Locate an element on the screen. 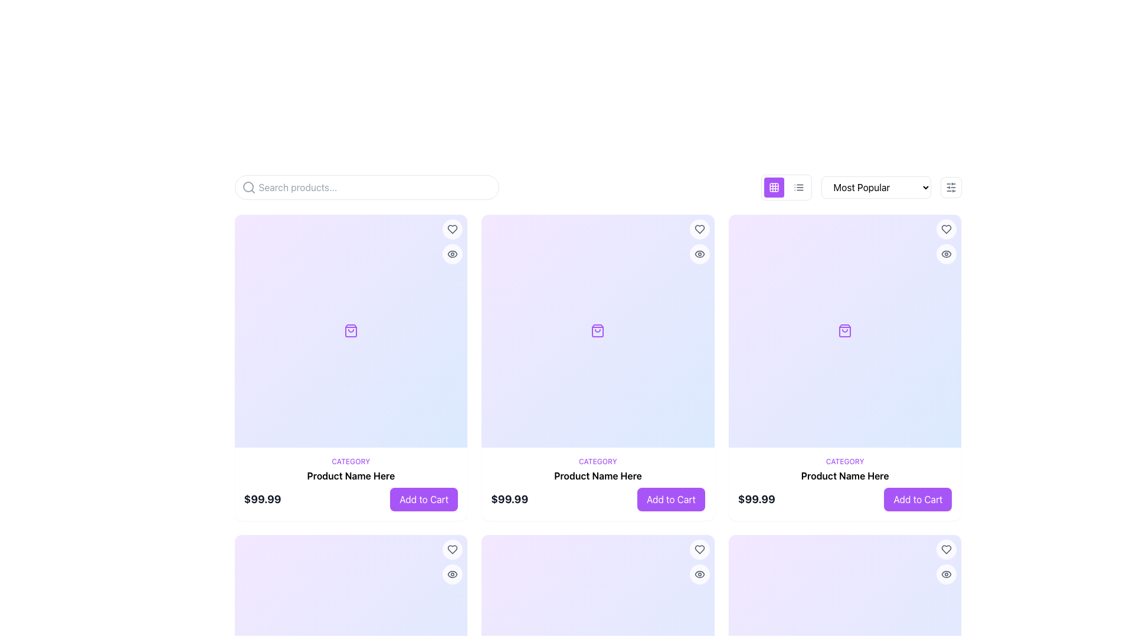  the circular button at the top-right corner of the product card overlay is located at coordinates (452, 549).